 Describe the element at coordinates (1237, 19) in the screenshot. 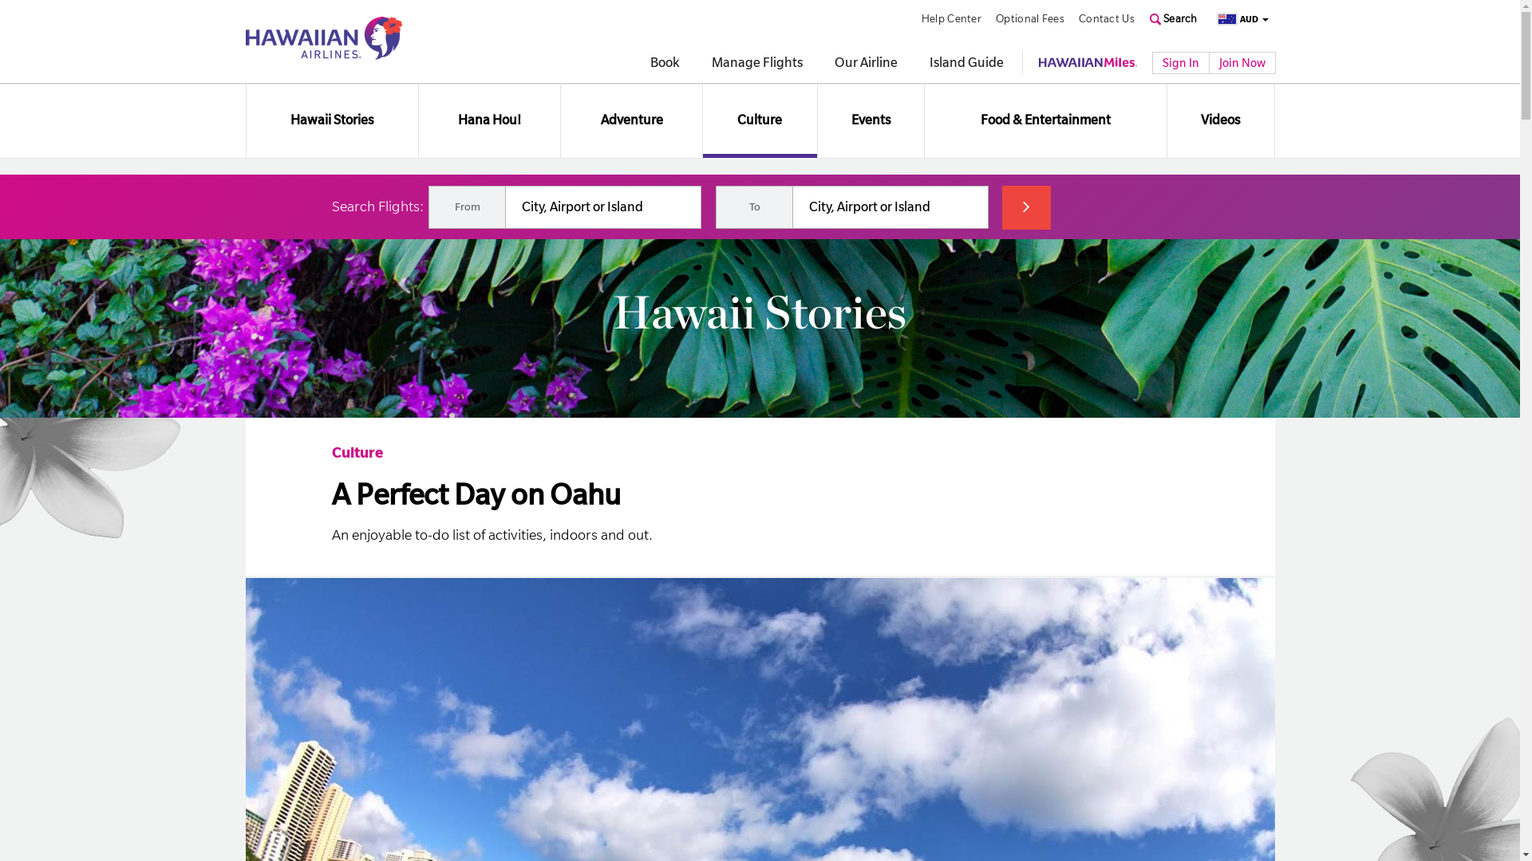

I see `'AUD'` at that location.